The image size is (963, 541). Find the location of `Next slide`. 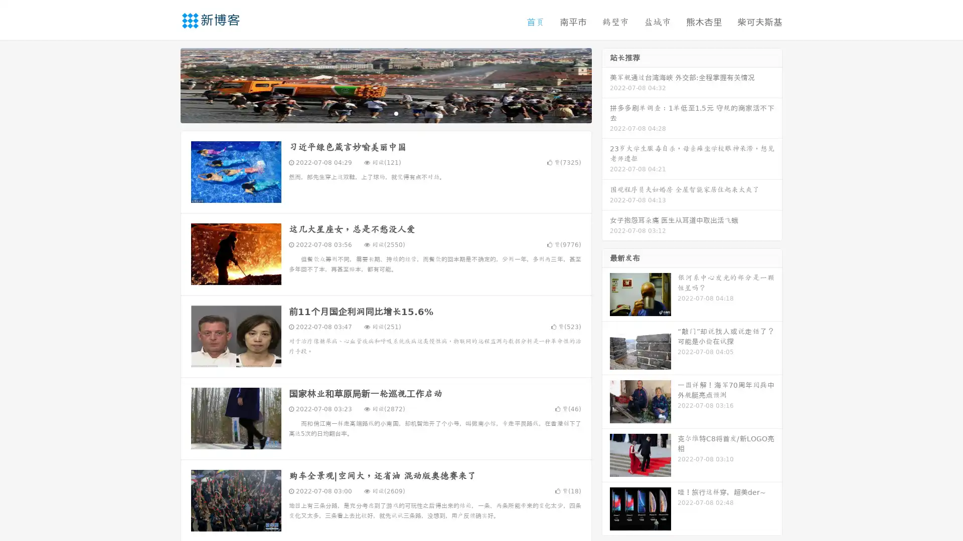

Next slide is located at coordinates (606, 84).